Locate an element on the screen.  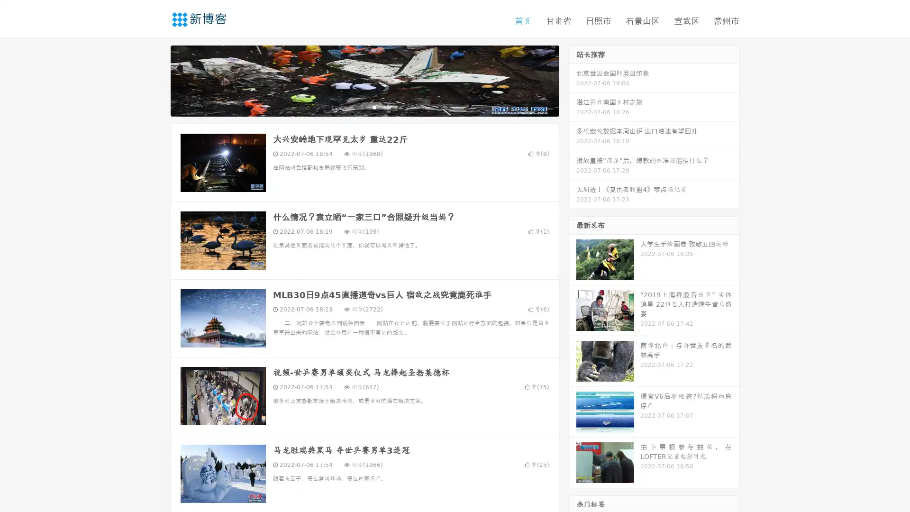
Go to slide 1 is located at coordinates (355, 107).